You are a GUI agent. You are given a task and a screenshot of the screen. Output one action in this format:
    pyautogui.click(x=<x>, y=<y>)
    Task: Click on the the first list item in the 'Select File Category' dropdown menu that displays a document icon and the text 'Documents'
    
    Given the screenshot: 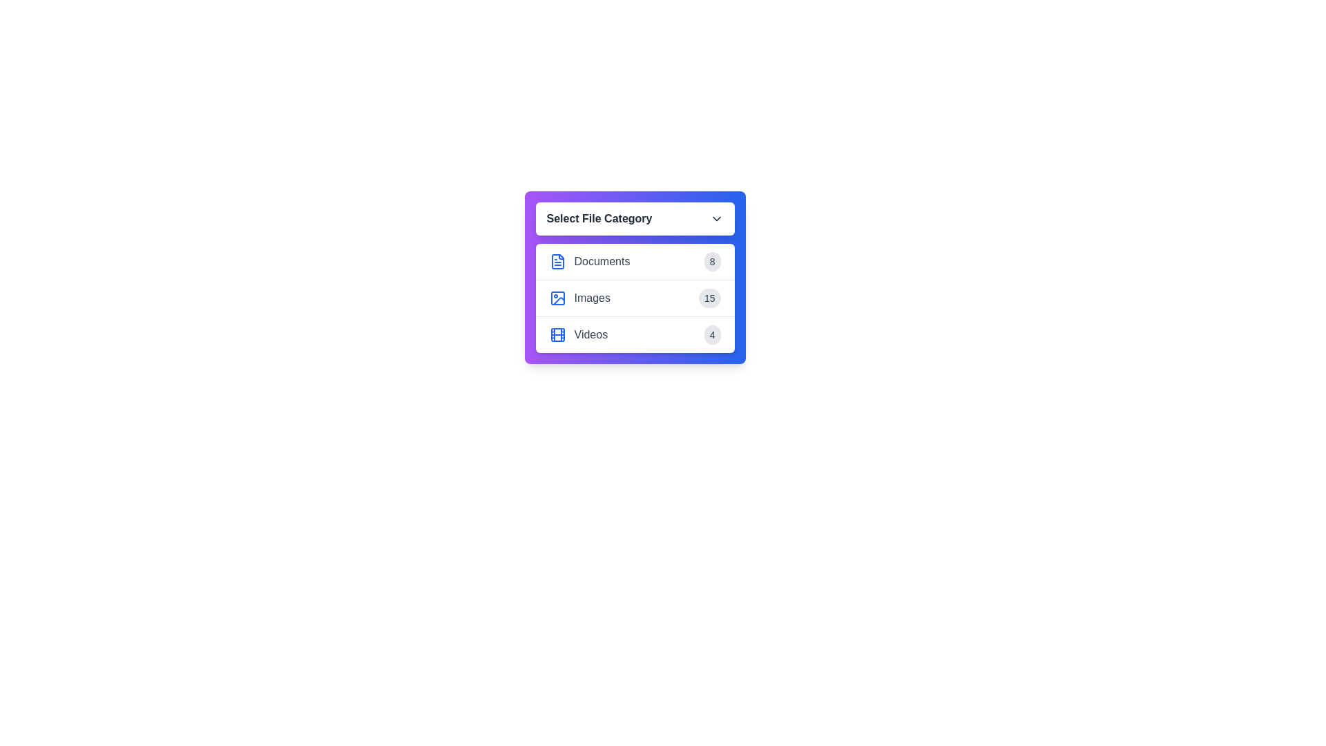 What is the action you would take?
    pyautogui.click(x=590, y=261)
    